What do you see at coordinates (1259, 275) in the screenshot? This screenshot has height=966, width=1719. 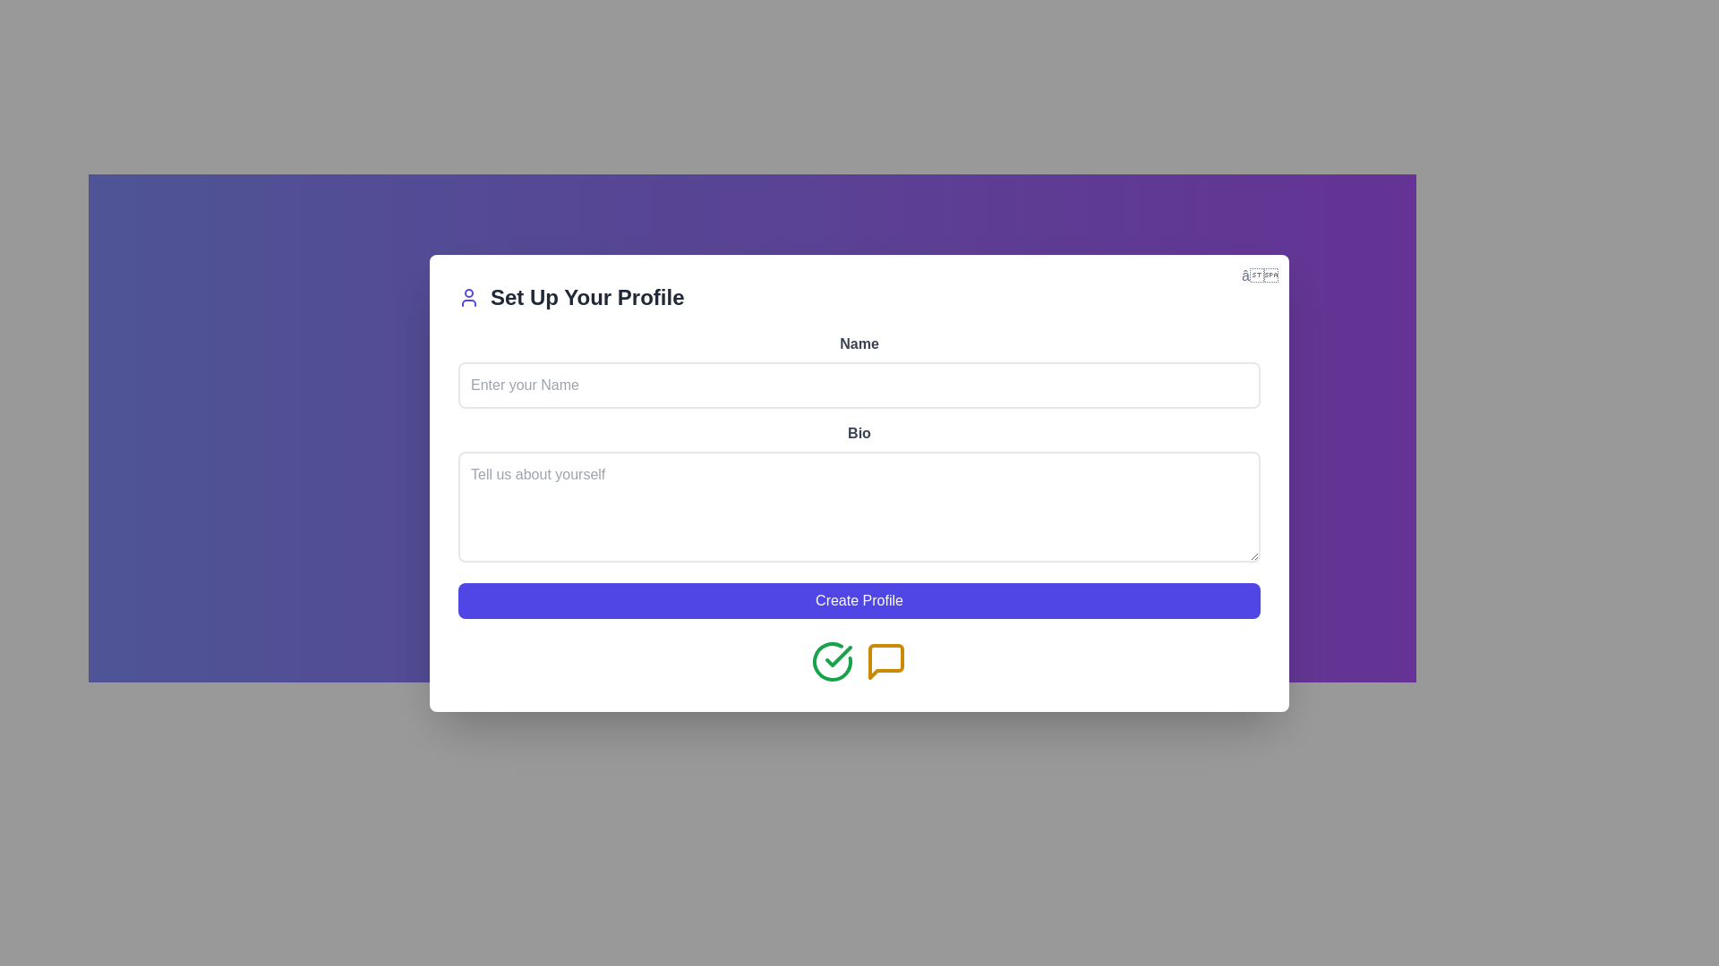 I see `the close button located at the top-right corner of the modal dialog` at bounding box center [1259, 275].